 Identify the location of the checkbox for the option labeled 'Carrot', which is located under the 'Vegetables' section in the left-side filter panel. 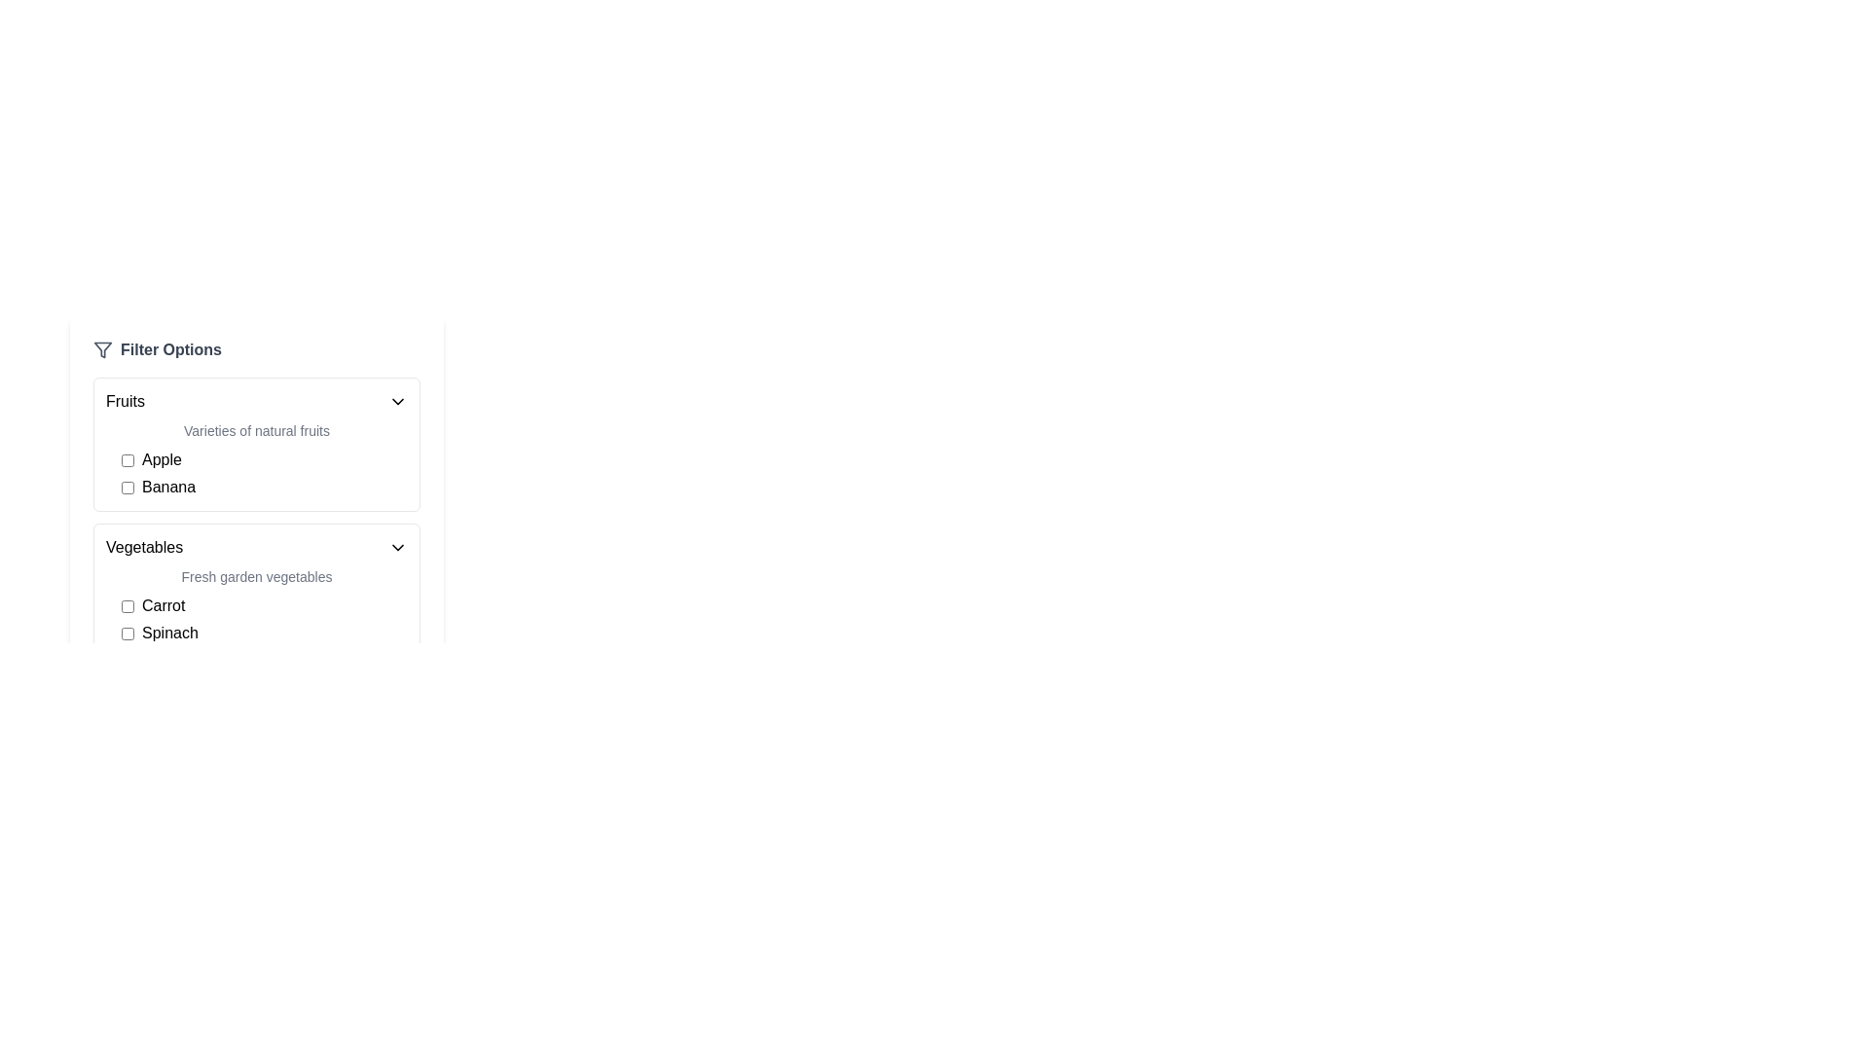
(264, 605).